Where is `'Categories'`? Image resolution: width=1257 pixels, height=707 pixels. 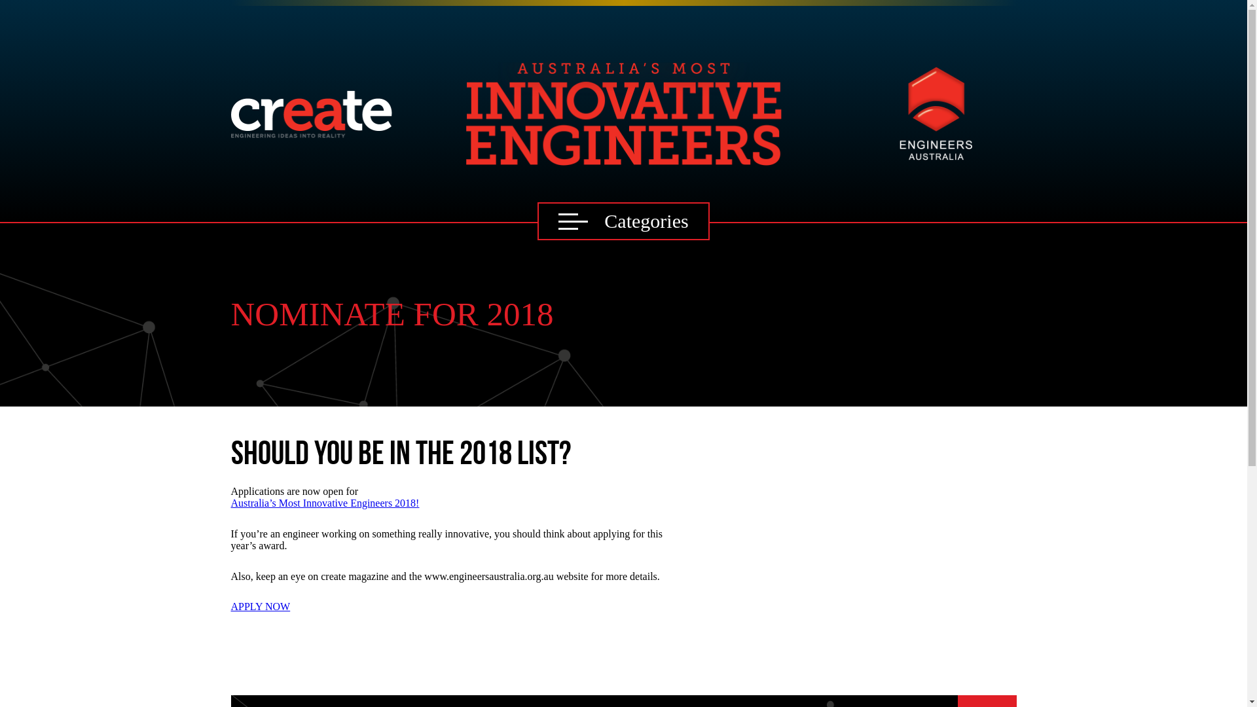
'Categories' is located at coordinates (622, 221).